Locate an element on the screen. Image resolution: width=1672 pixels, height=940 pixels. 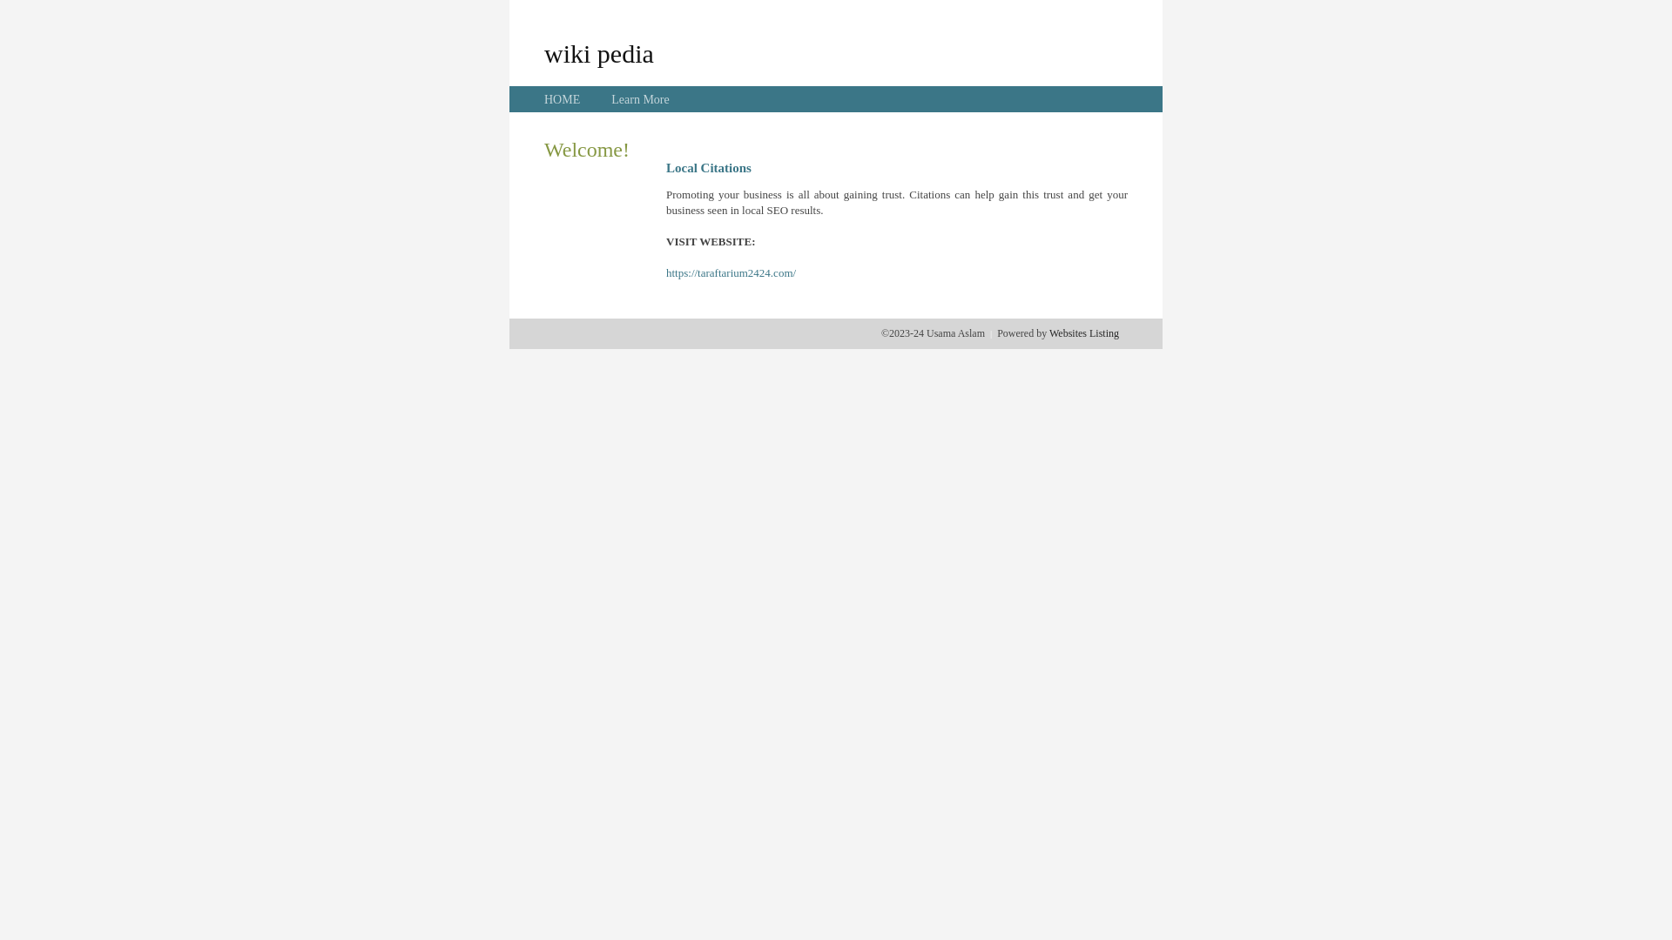
'https://taraftarium2424.com/' is located at coordinates (731, 272).